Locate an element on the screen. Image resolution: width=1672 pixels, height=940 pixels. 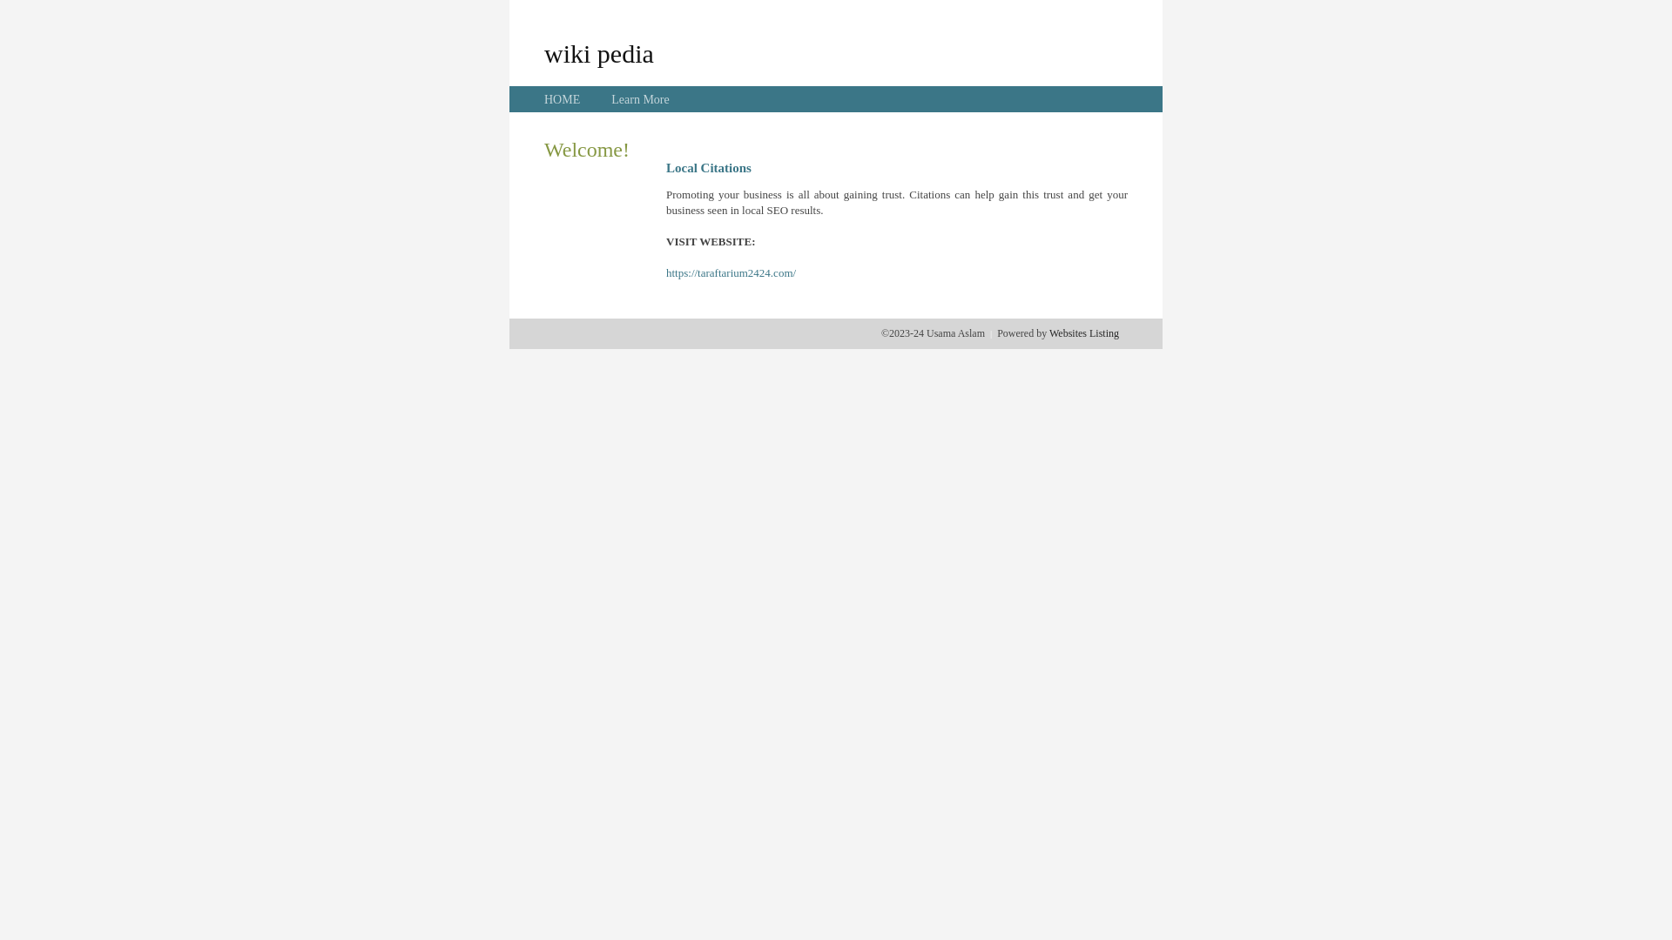
'https://taraftarium2424.com/' is located at coordinates (731, 272).